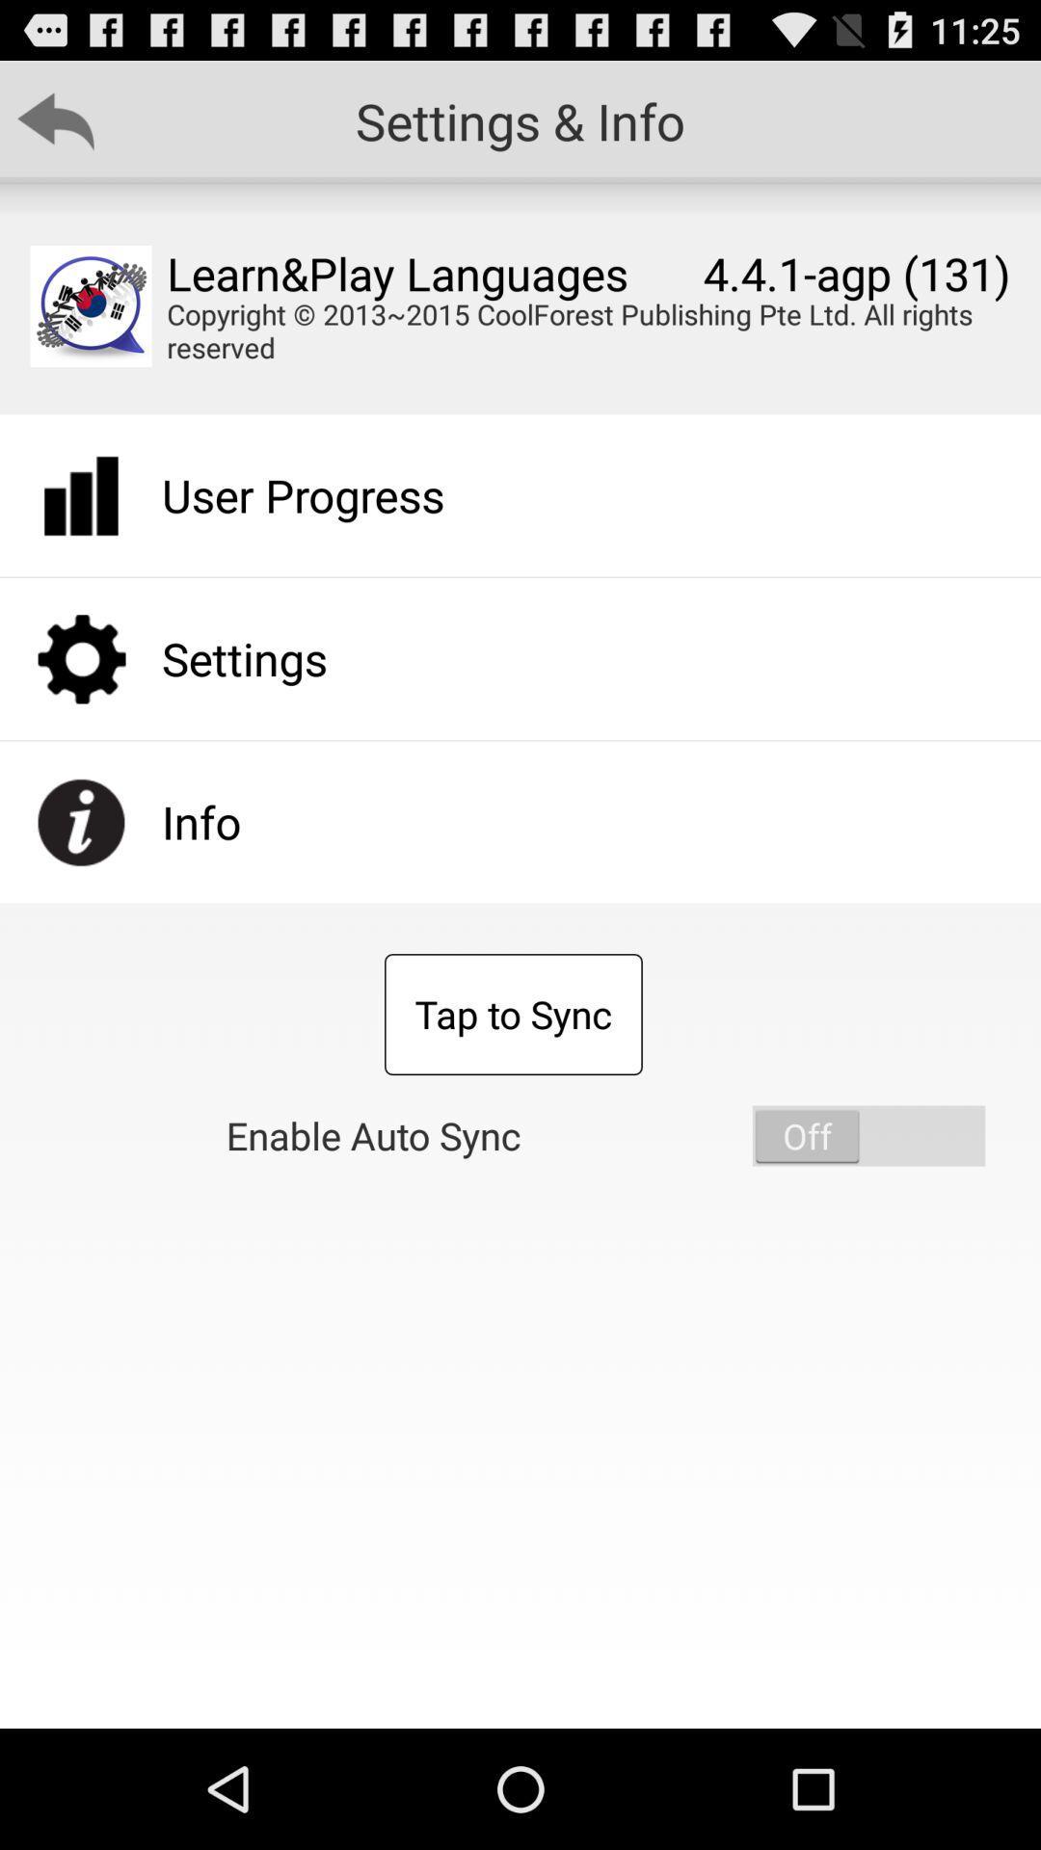 This screenshot has height=1850, width=1041. I want to click on the icon on the right, so click(868, 1136).